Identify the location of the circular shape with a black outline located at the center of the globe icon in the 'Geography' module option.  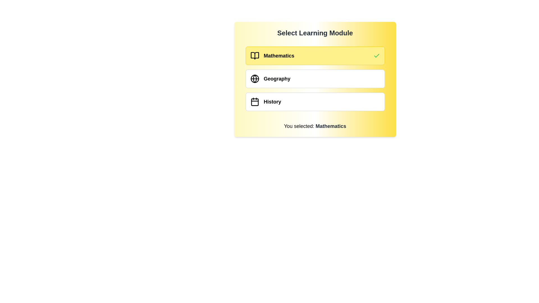
(254, 79).